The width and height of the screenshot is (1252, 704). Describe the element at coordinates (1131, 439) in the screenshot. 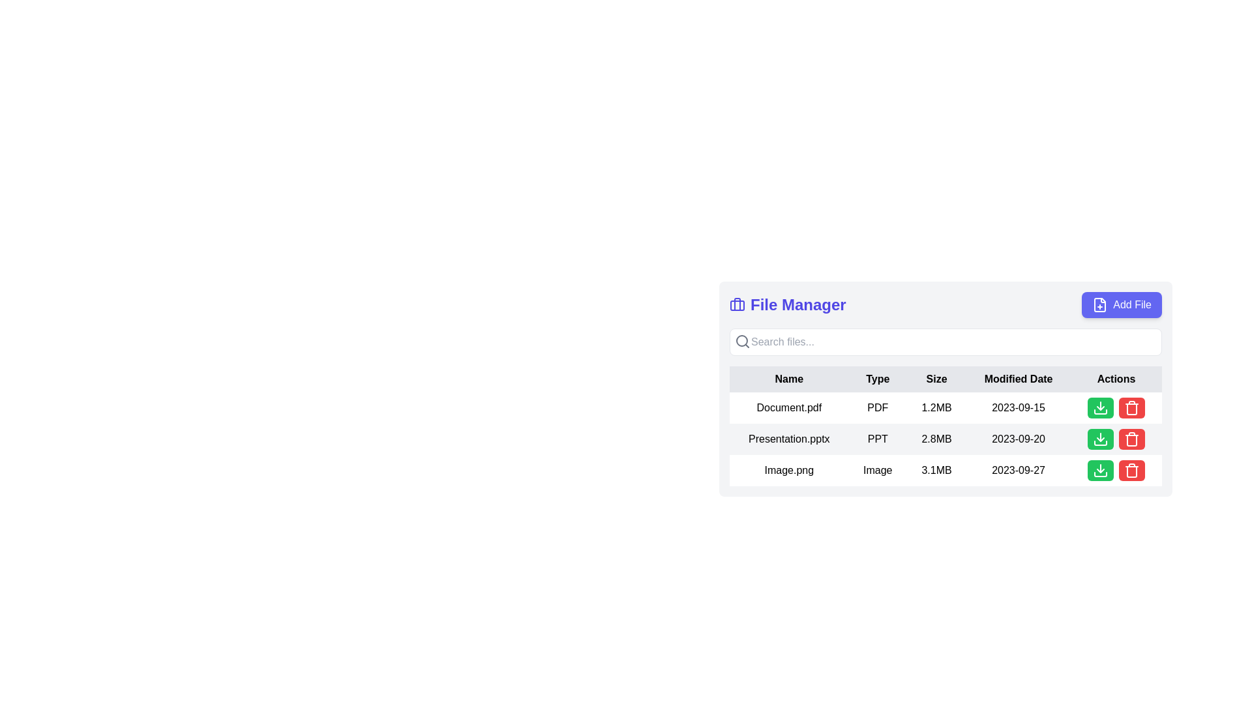

I see `the small red delete button with a trash icon in the 'Actions' column for the file 'Presentation.pptx'` at that location.